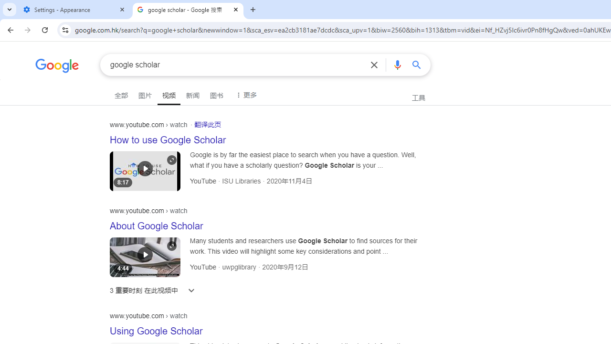  Describe the element at coordinates (245, 94) in the screenshot. I see `'More Filters'` at that location.